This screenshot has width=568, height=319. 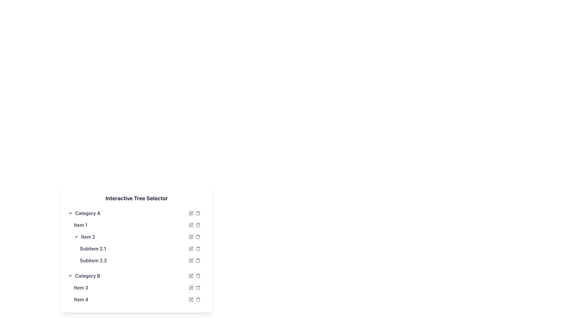 What do you see at coordinates (198, 276) in the screenshot?
I see `the trash can icon used for deletion within the 'Category B' section of the vertical interactive tree structure to initiate a delete action` at bounding box center [198, 276].